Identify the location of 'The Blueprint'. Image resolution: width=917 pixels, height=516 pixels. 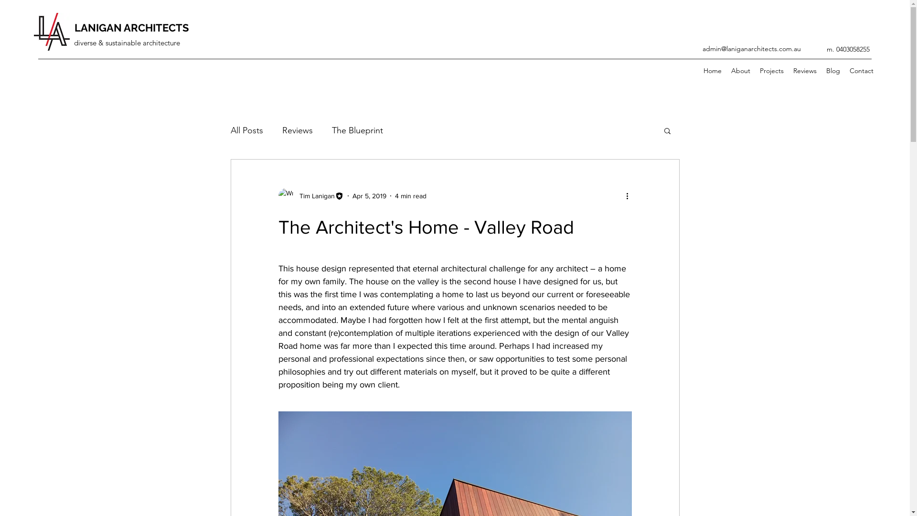
(356, 130).